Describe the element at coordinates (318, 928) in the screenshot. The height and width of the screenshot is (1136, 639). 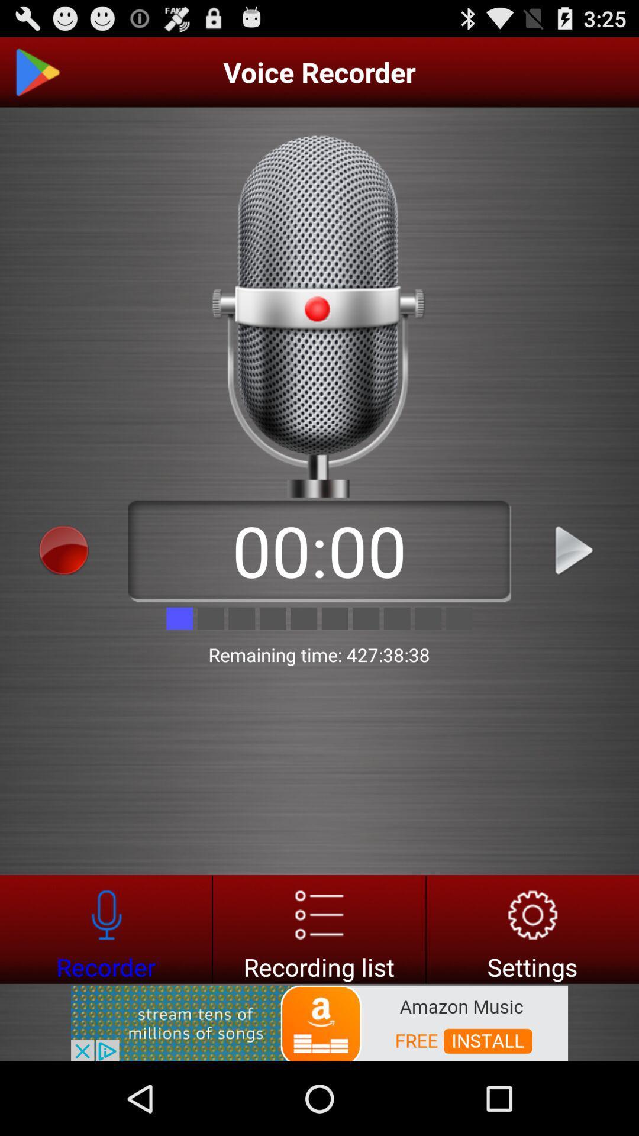
I see `previous recordings` at that location.